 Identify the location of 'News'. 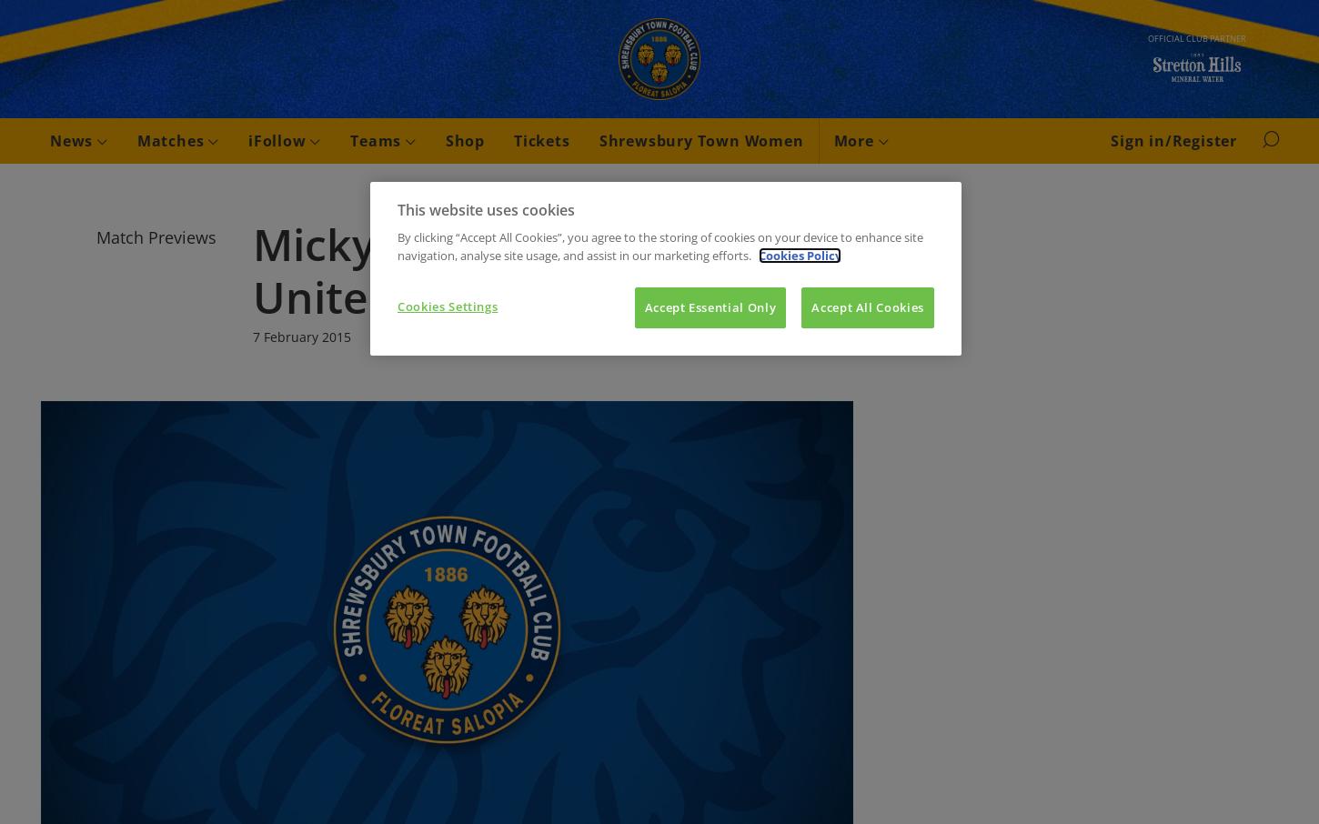
(49, 141).